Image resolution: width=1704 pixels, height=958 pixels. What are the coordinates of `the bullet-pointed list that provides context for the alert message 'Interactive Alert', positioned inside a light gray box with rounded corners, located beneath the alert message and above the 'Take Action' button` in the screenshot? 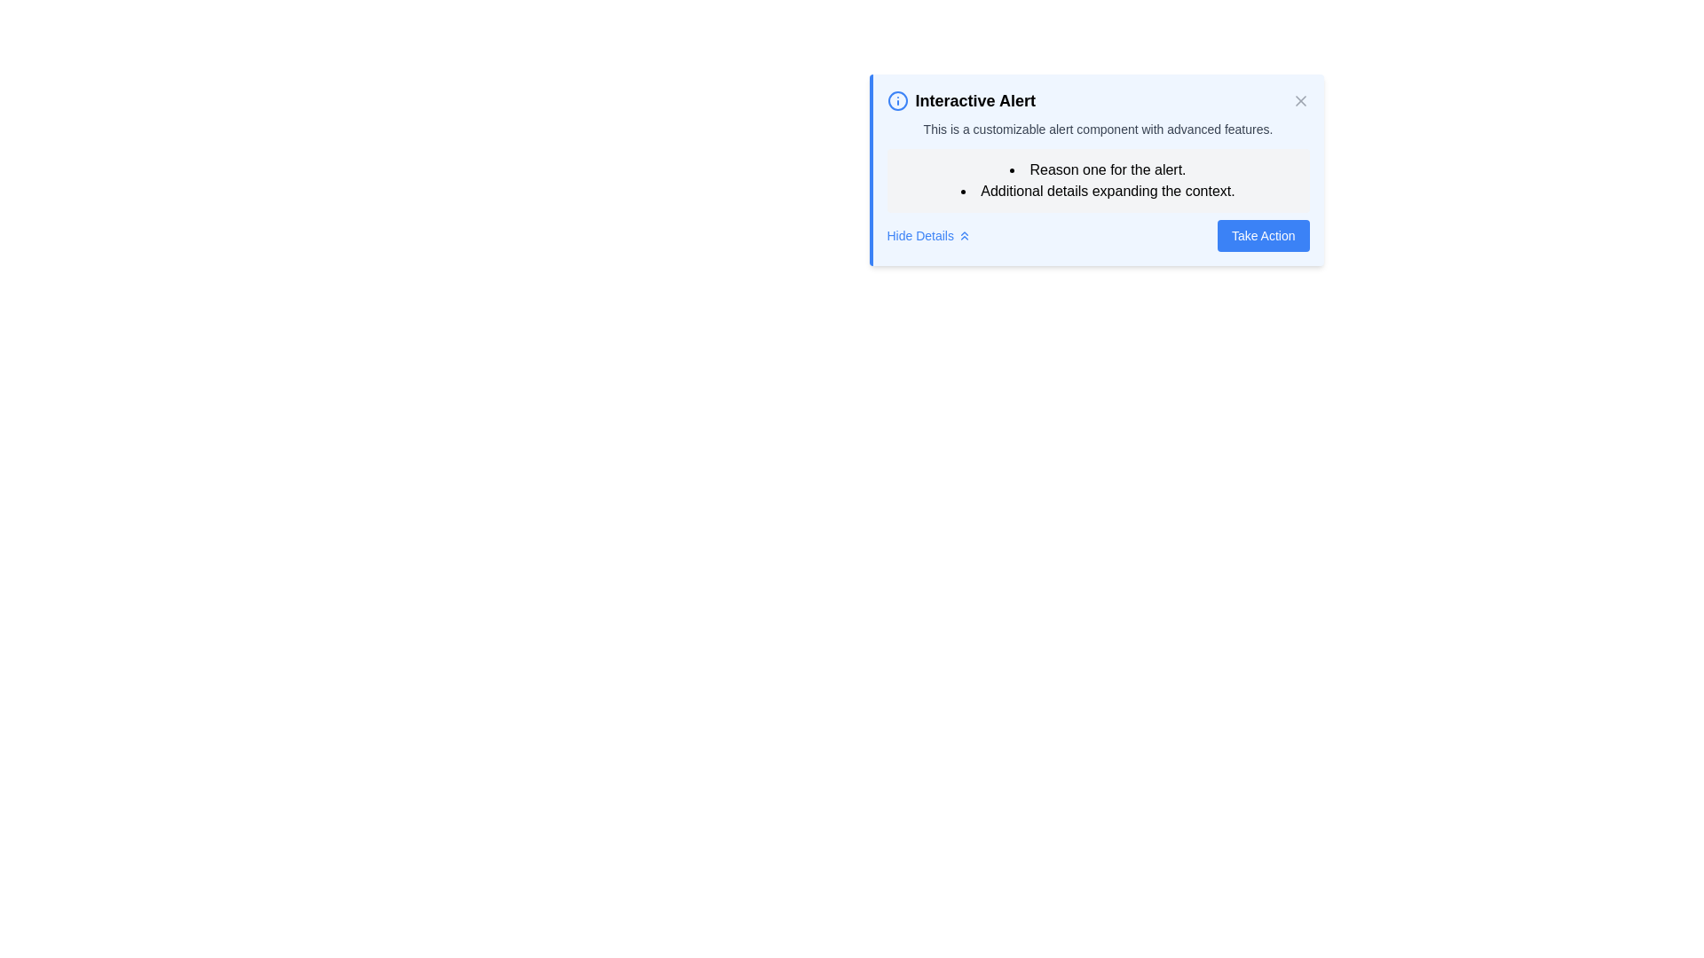 It's located at (1097, 181).